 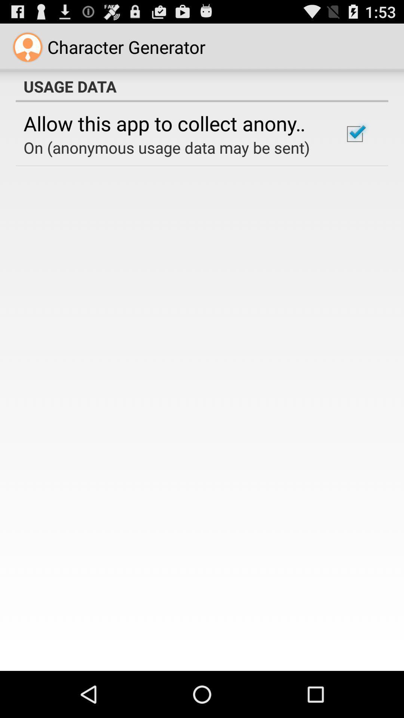 I want to click on checkbox at the top right corner, so click(x=354, y=134).